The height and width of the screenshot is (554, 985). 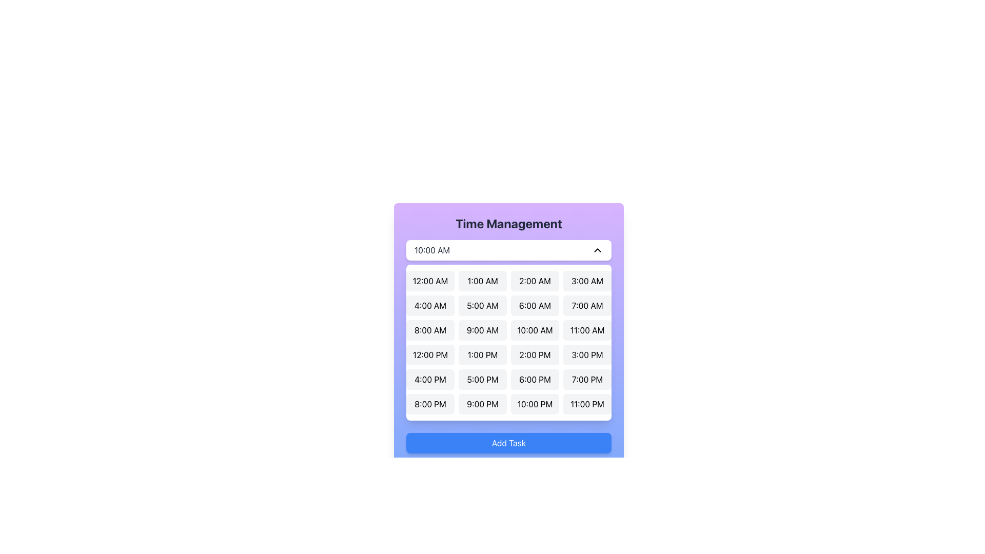 I want to click on the '9:00 PM' time slot button located in the fourth row and second column of the time slots grid within the purple card labeled 'Time Management', so click(x=482, y=403).